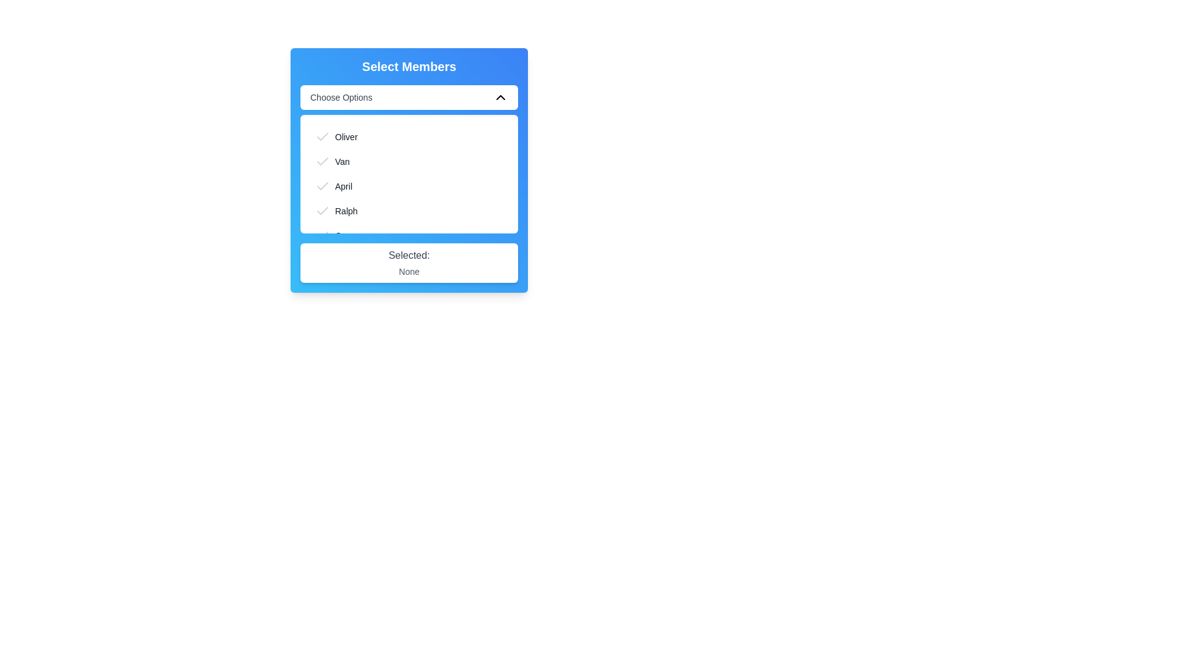 The width and height of the screenshot is (1187, 667). Describe the element at coordinates (344, 186) in the screenshot. I see `the text label 'April' which identifies a selectable option` at that location.